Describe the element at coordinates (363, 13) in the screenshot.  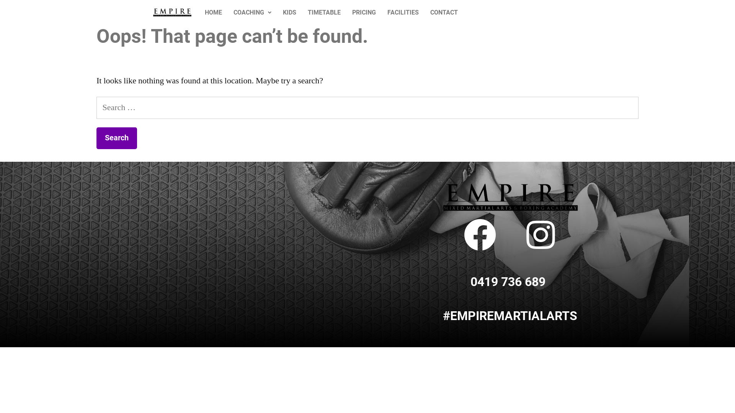
I see `'PRICING'` at that location.